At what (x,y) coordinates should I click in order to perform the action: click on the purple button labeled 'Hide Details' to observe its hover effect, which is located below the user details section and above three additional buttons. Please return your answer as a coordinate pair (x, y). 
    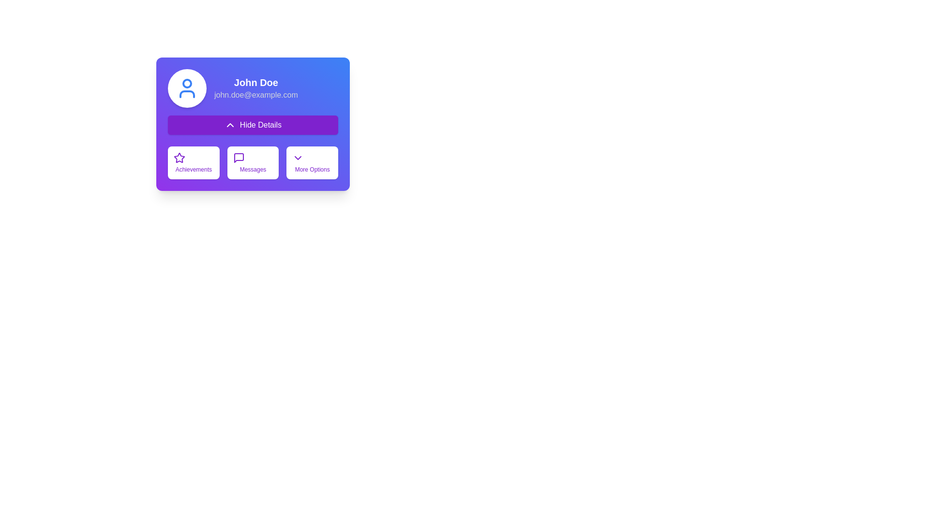
    Looking at the image, I should click on (253, 124).